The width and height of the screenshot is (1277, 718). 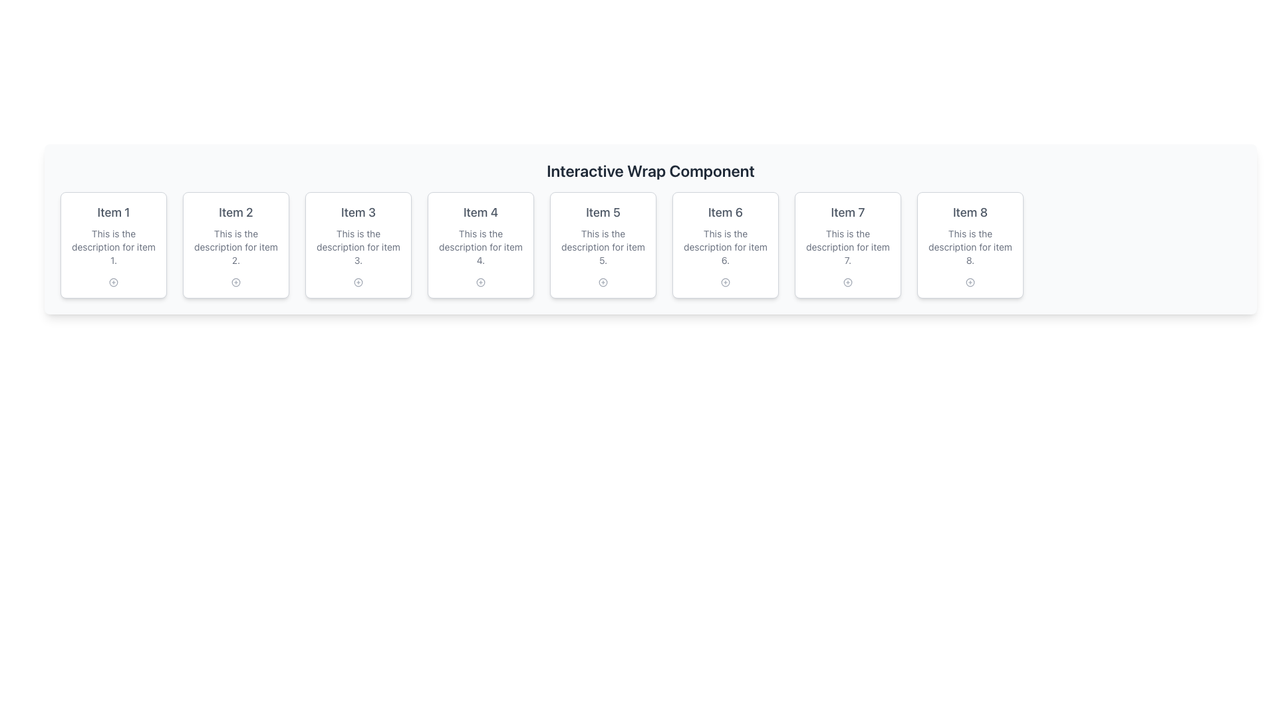 I want to click on the outermost circle of the SVG graphic element that is part of the 'Item 3' interface card, which depicts a plus sign within a circle, so click(x=358, y=281).